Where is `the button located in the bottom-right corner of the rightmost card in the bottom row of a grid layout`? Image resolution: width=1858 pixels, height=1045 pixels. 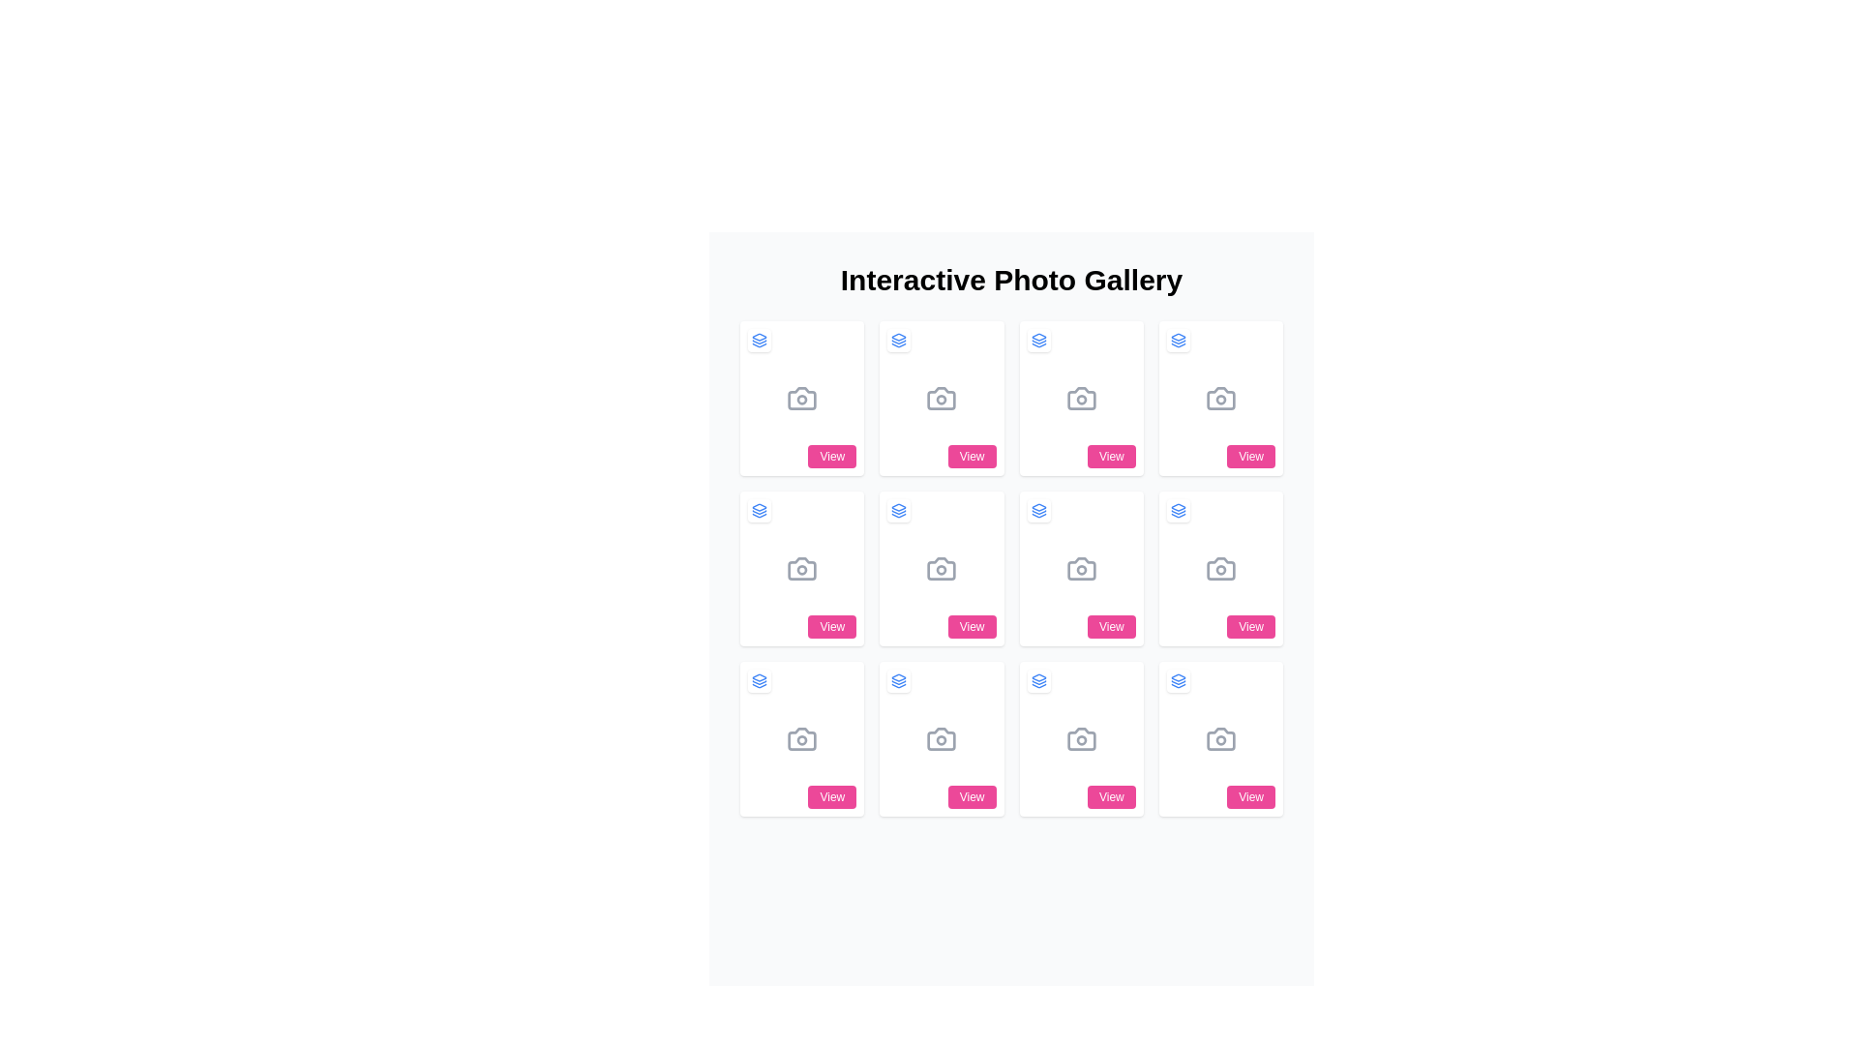 the button located in the bottom-right corner of the rightmost card in the bottom row of a grid layout is located at coordinates (1250, 797).